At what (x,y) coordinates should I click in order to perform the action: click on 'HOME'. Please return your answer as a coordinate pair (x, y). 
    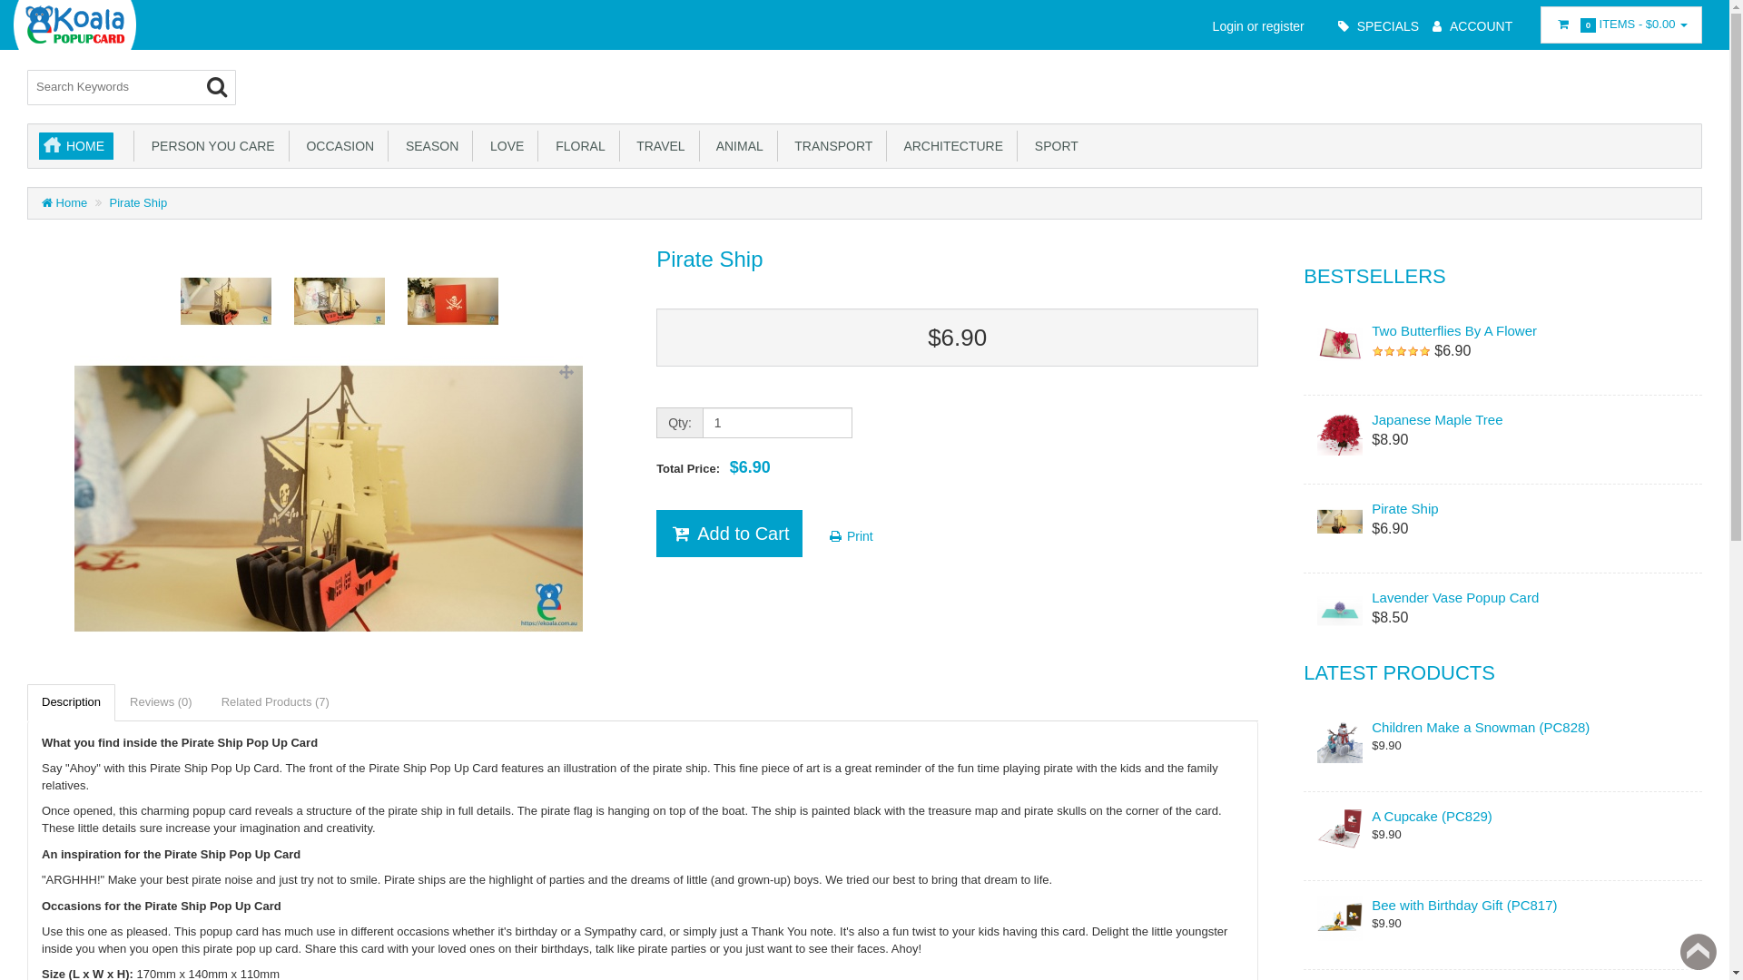
    Looking at the image, I should click on (75, 145).